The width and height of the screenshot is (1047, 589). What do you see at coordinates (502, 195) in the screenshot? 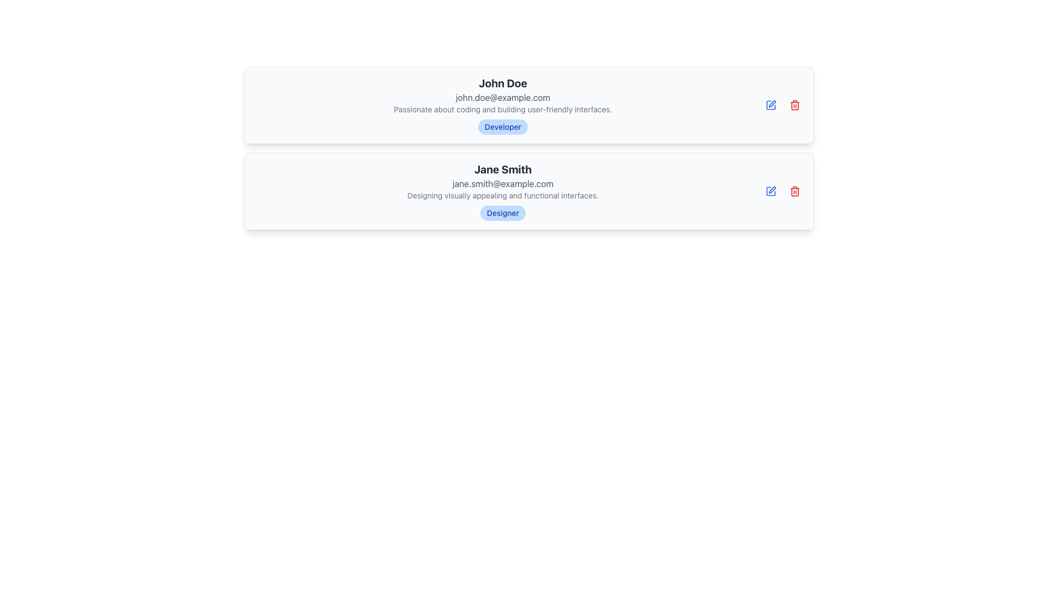
I see `the Text Display element in Jane Smith's profile card, which describes her skills and is positioned below her name and email, above the 'Designer' badge` at bounding box center [502, 195].